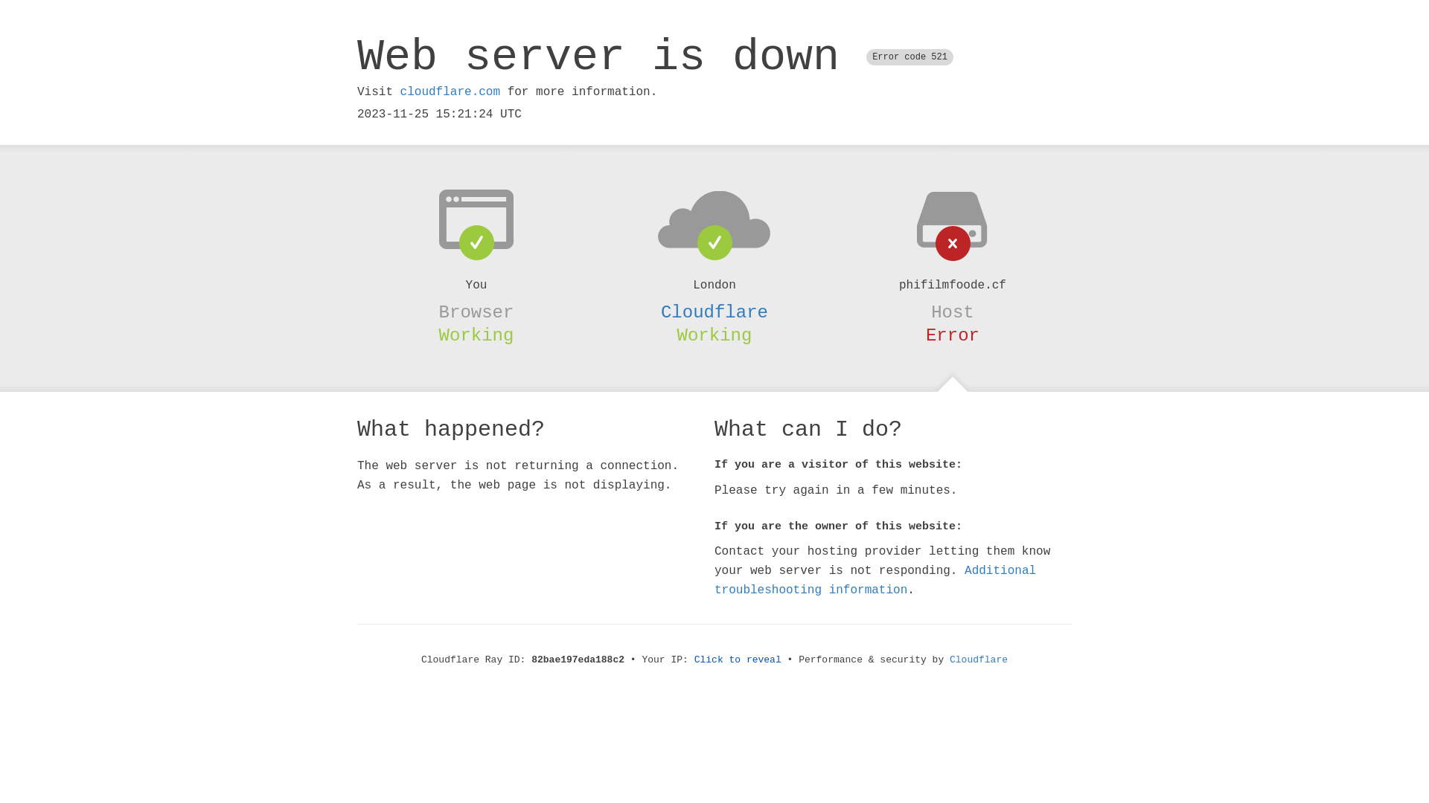 The width and height of the screenshot is (1429, 803). What do you see at coordinates (449, 91) in the screenshot?
I see `'cloudflare.com'` at bounding box center [449, 91].